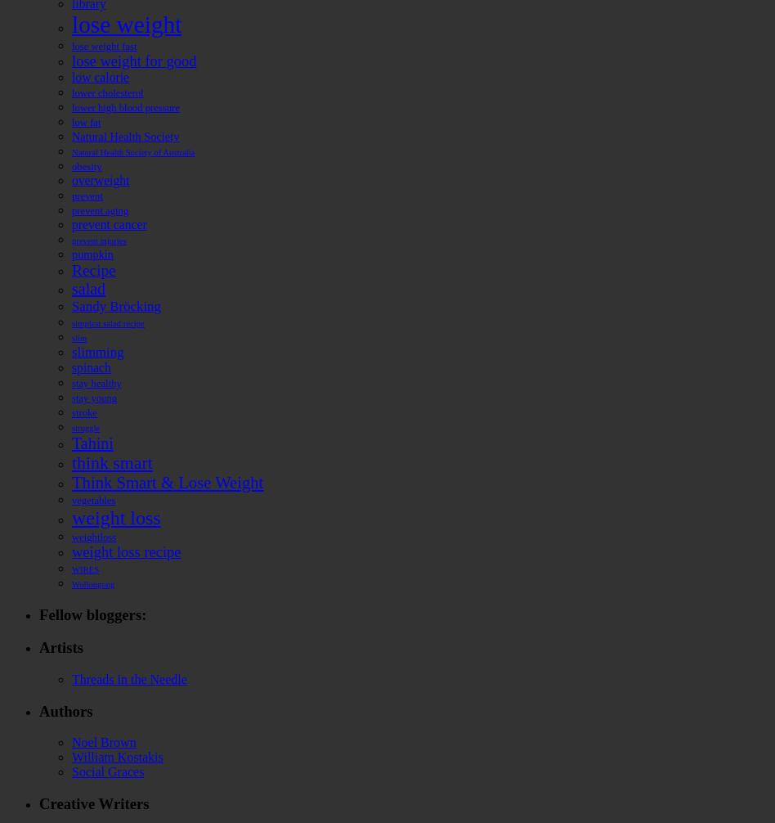 This screenshot has height=823, width=775. What do you see at coordinates (93, 268) in the screenshot?
I see `'Recipe'` at bounding box center [93, 268].